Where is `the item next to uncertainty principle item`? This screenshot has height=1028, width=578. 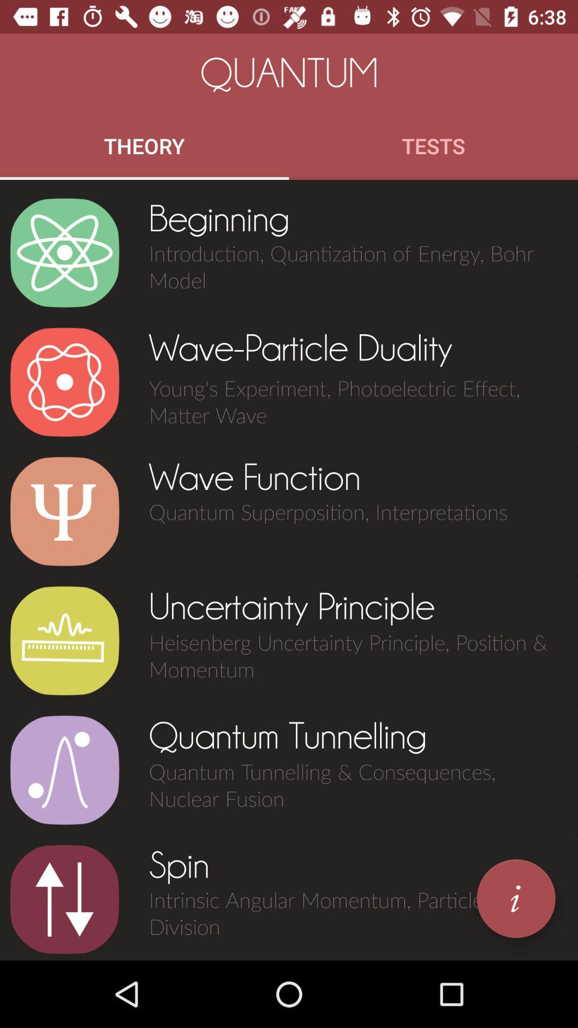 the item next to uncertainty principle item is located at coordinates (64, 640).